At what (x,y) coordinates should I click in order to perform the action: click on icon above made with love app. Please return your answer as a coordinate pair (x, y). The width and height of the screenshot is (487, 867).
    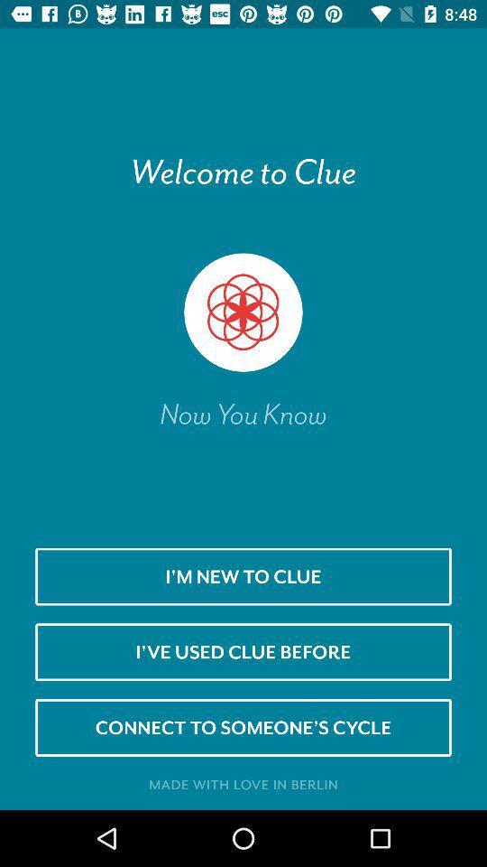
    Looking at the image, I should click on (243, 727).